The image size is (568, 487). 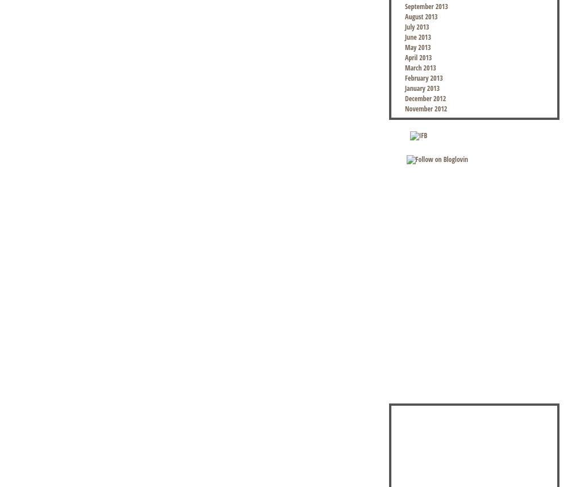 I want to click on 'December 2012', so click(x=425, y=98).